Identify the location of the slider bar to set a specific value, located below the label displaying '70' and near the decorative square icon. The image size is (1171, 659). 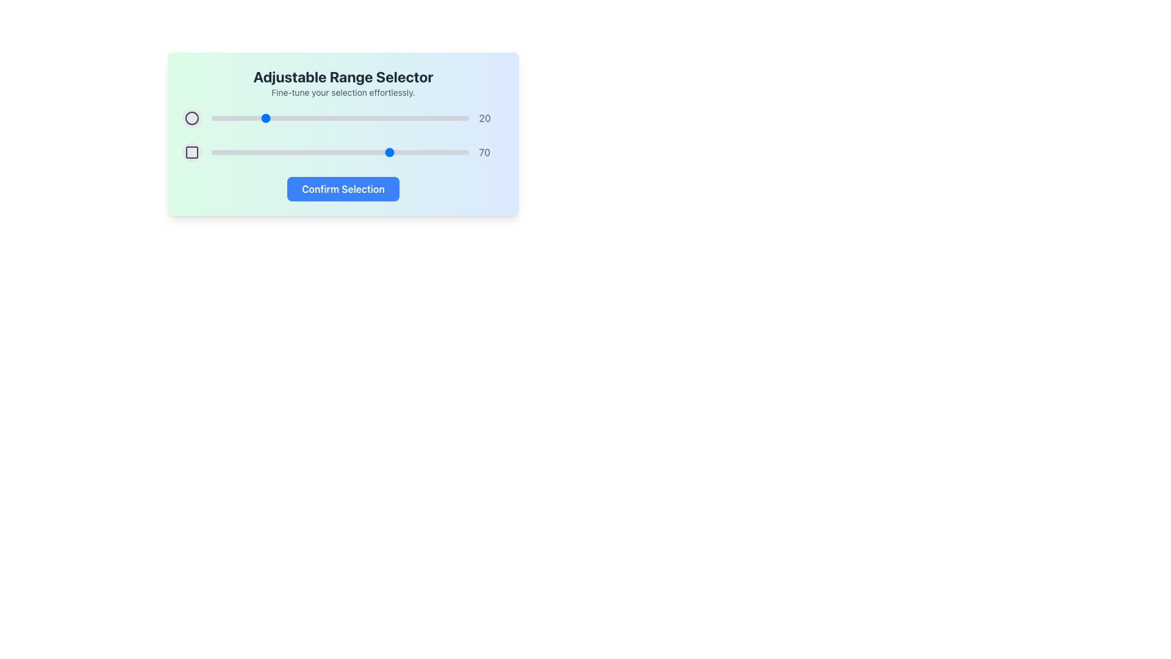
(340, 152).